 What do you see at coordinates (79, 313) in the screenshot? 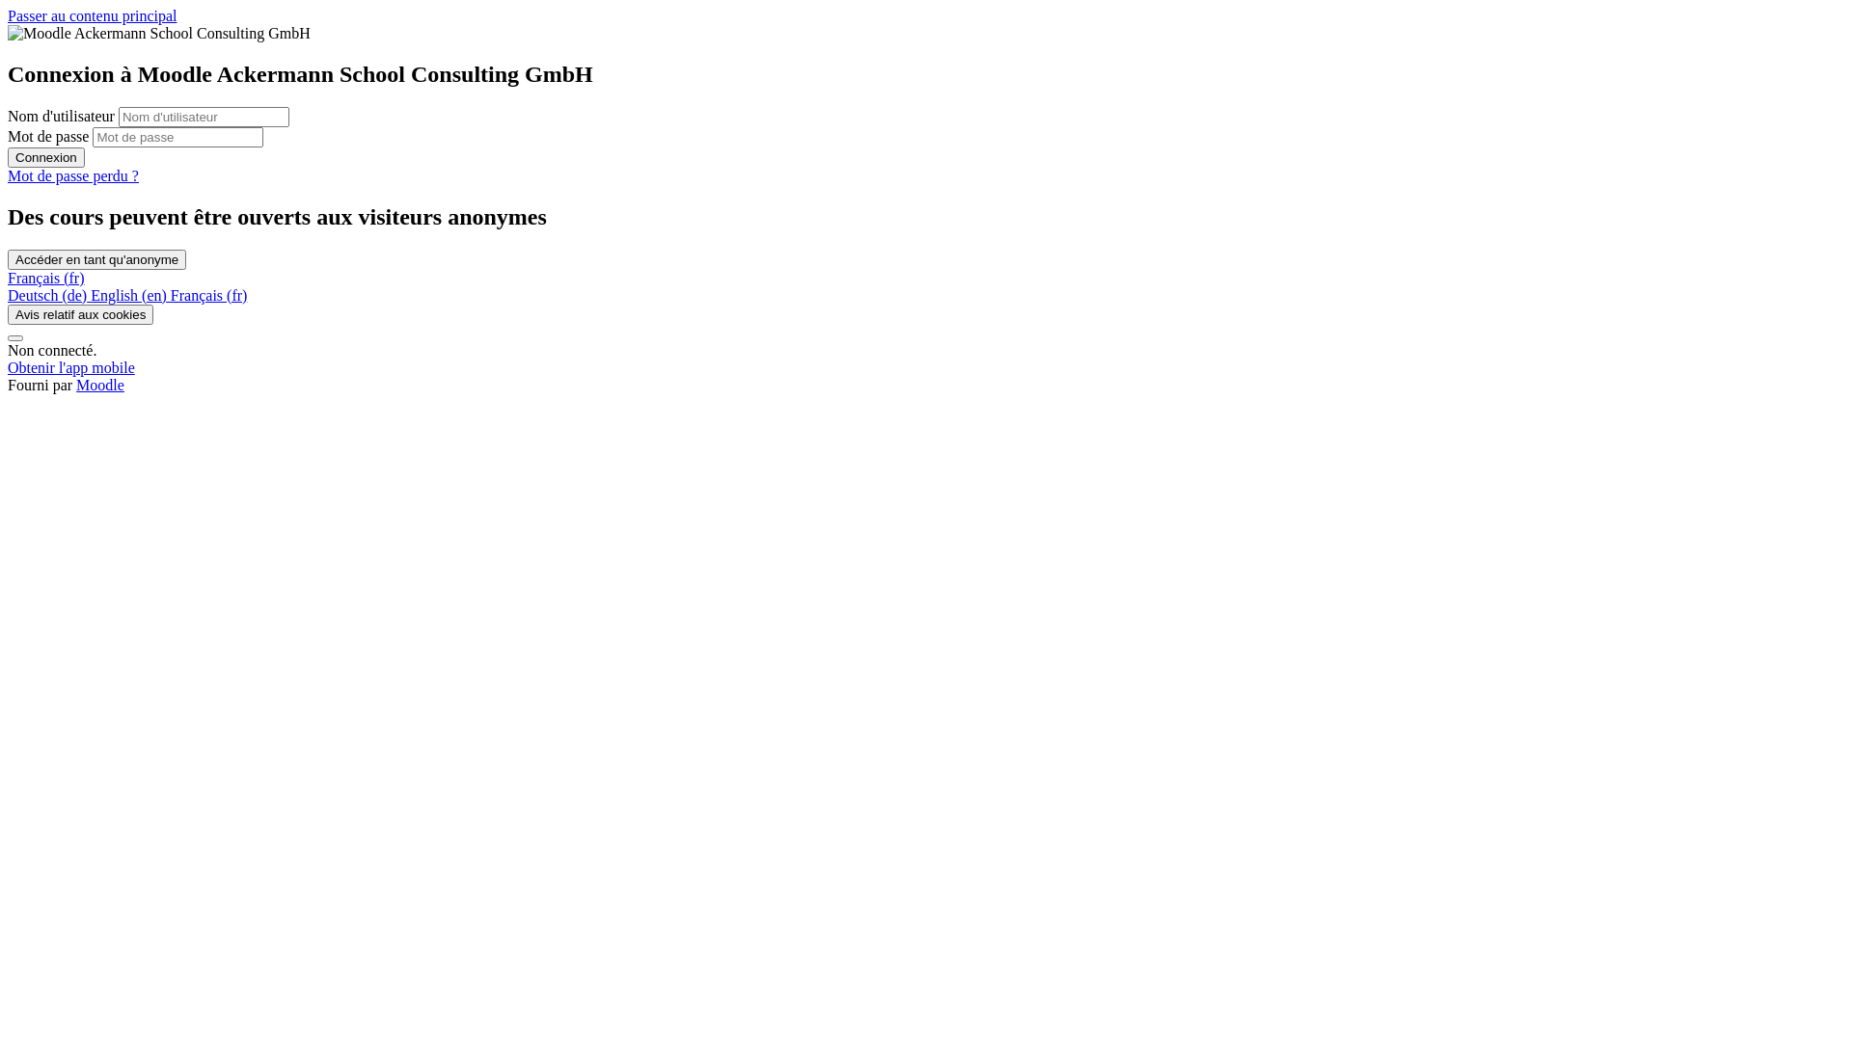
I see `'Avis relatif aux cookies'` at bounding box center [79, 313].